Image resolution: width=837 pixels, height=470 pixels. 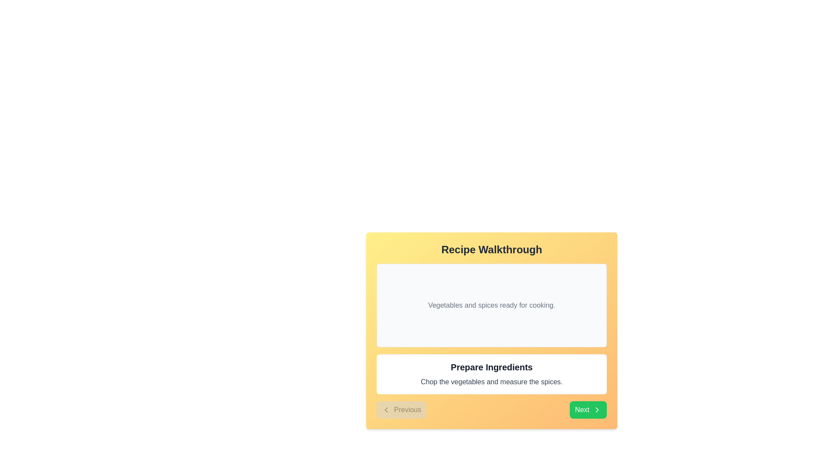 I want to click on the right-facing chevron icon inside the 'Next' button located at the bottom right corner of the 'Recipe Walkthrough' content box, so click(x=596, y=410).